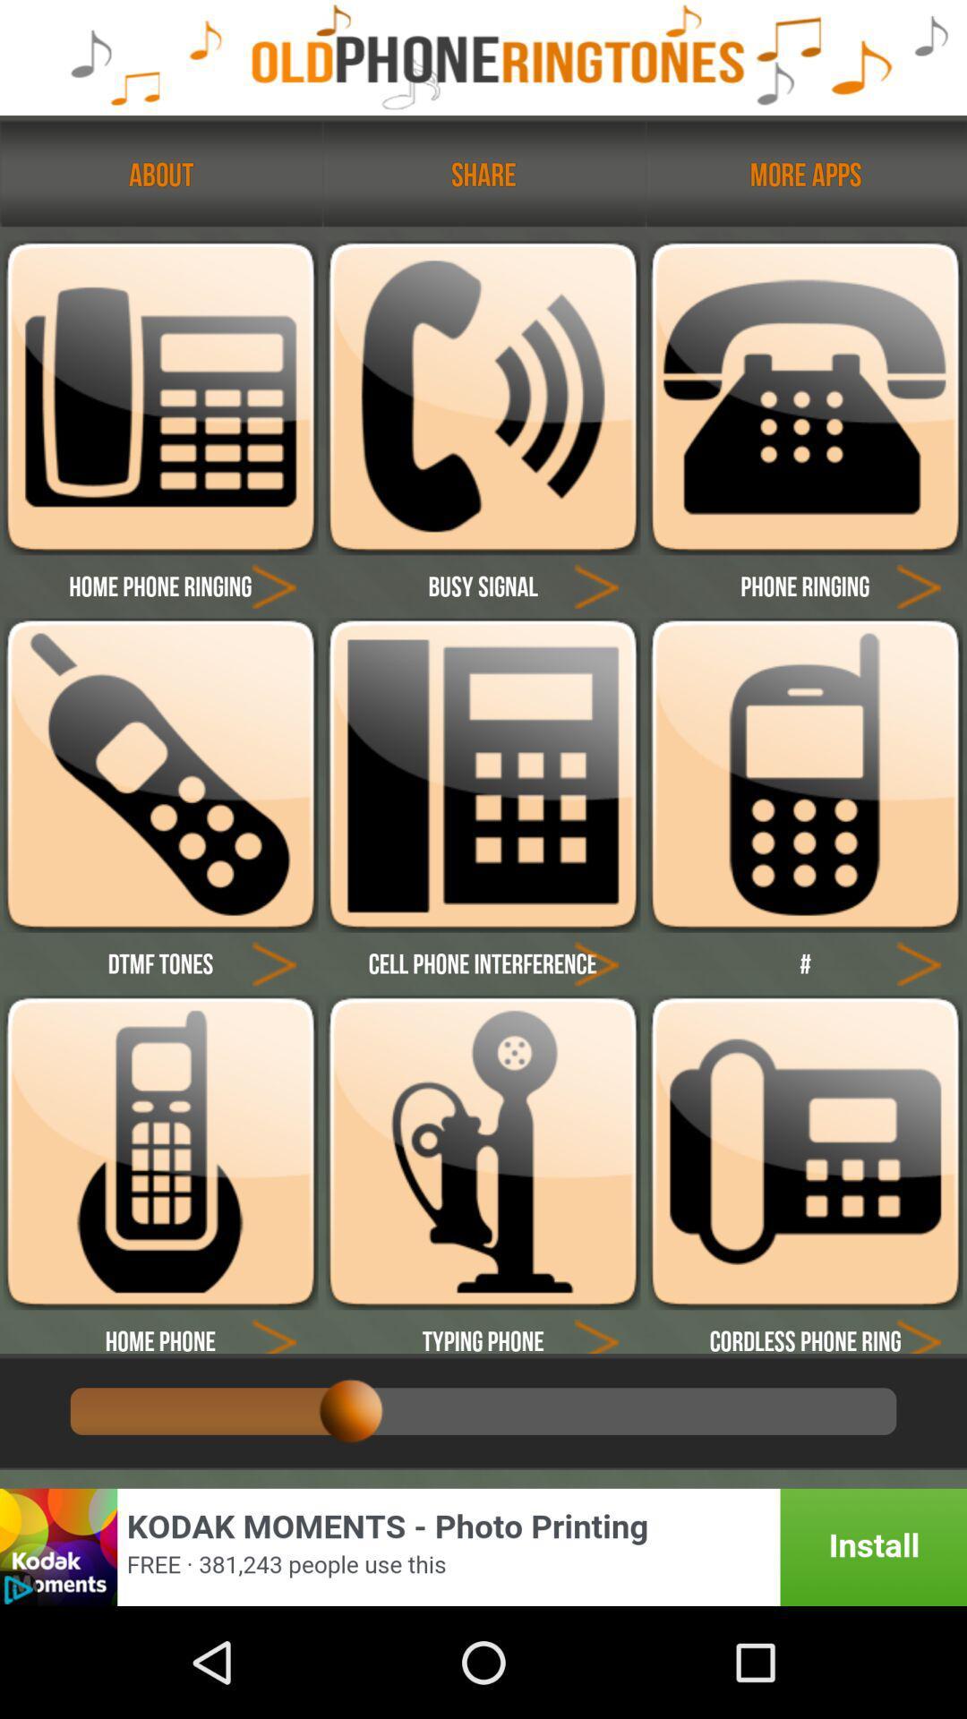  Describe the element at coordinates (919, 962) in the screenshot. I see `next symbol` at that location.